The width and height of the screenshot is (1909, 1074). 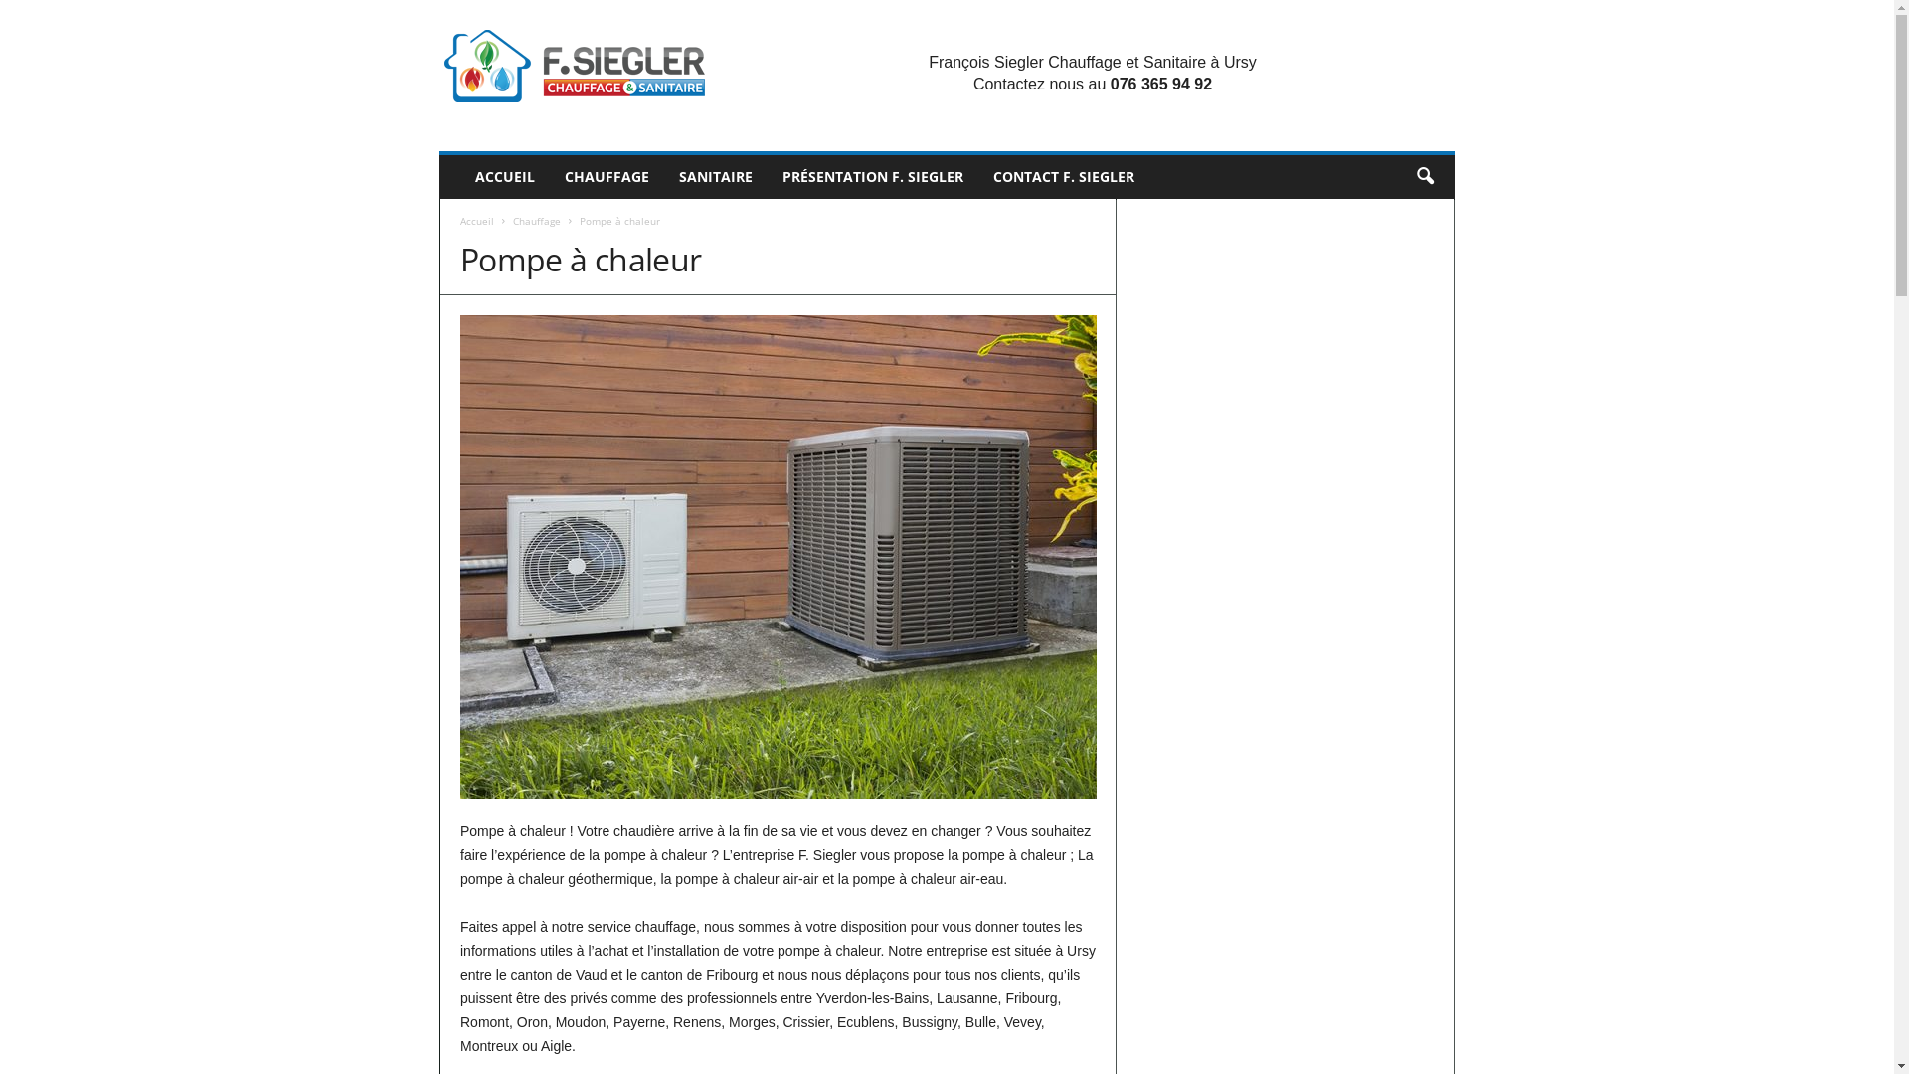 What do you see at coordinates (777, 556) in the screenshot?
I see `'pompe-a-chaleur'` at bounding box center [777, 556].